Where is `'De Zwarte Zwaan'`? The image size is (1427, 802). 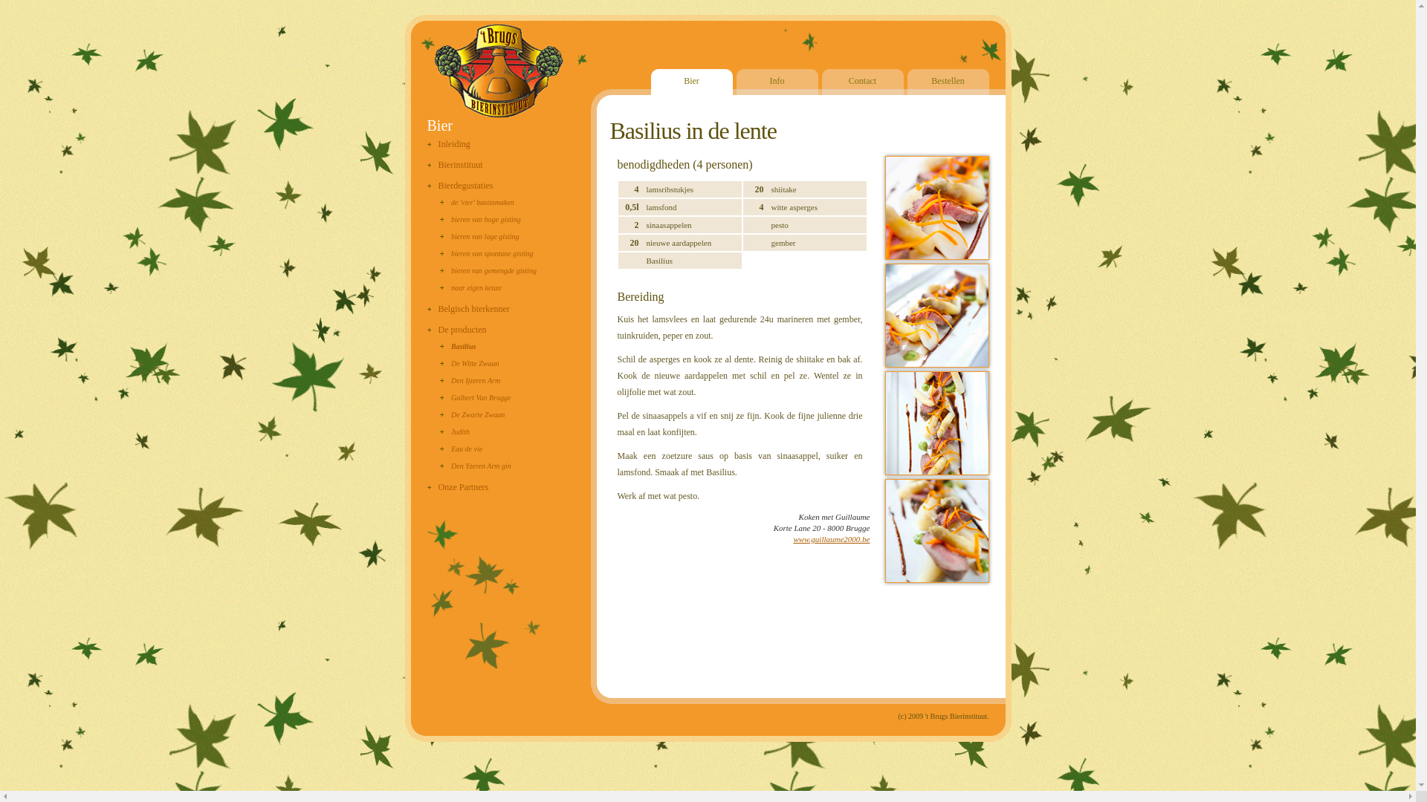
'De Zwarte Zwaan' is located at coordinates (439, 414).